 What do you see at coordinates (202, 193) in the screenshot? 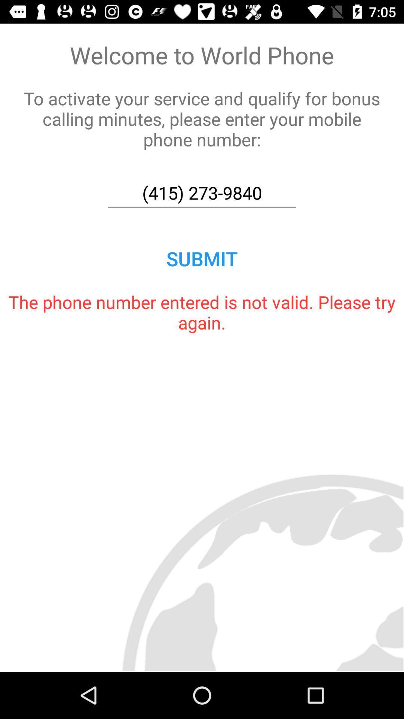
I see `(415) 273-9840` at bounding box center [202, 193].